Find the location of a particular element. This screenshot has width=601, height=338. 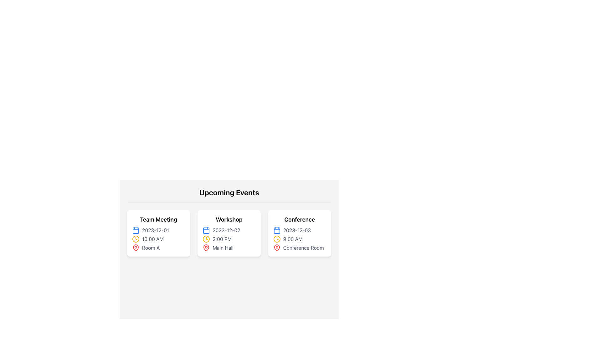

the stylized clock icon located in the middle card of the 'Upcoming Events' section, which is aligned to the left of the time text '2:00 PM' is located at coordinates (206, 239).